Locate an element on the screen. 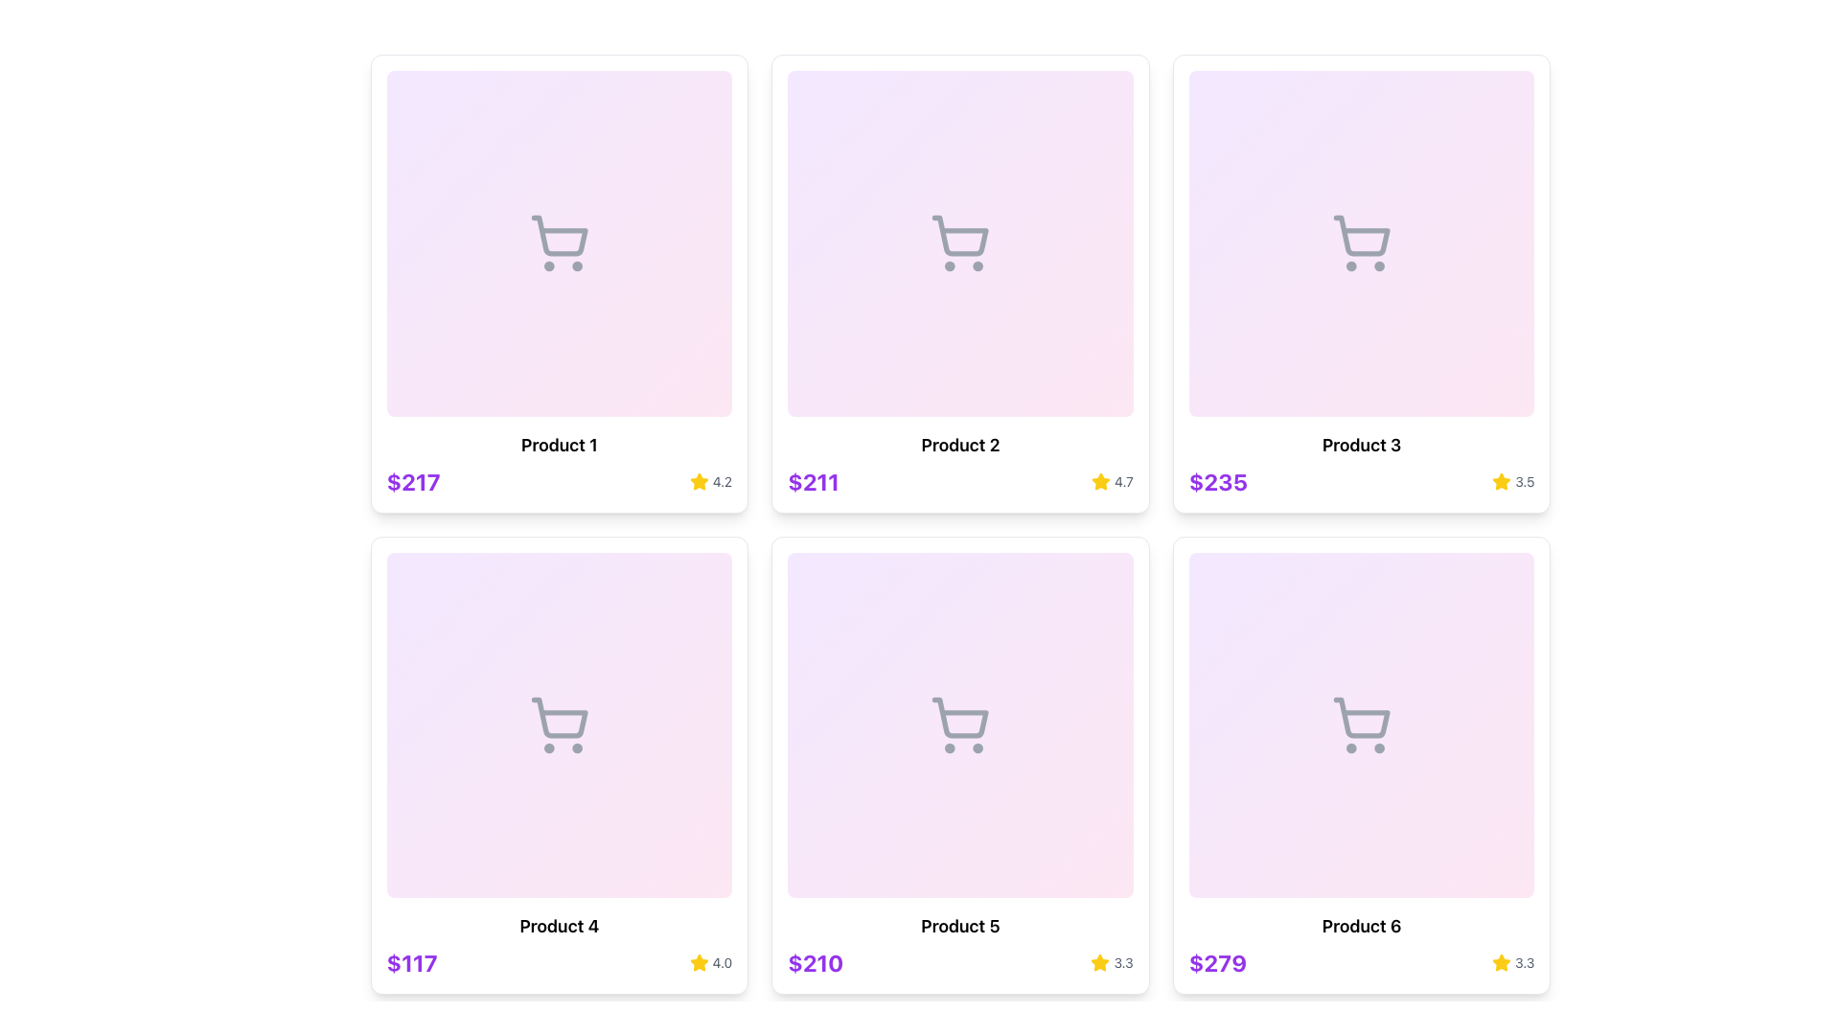  shopping cart icon located at the center of the pastel purple card labeled with the price '$217' for visual details is located at coordinates (558, 242).